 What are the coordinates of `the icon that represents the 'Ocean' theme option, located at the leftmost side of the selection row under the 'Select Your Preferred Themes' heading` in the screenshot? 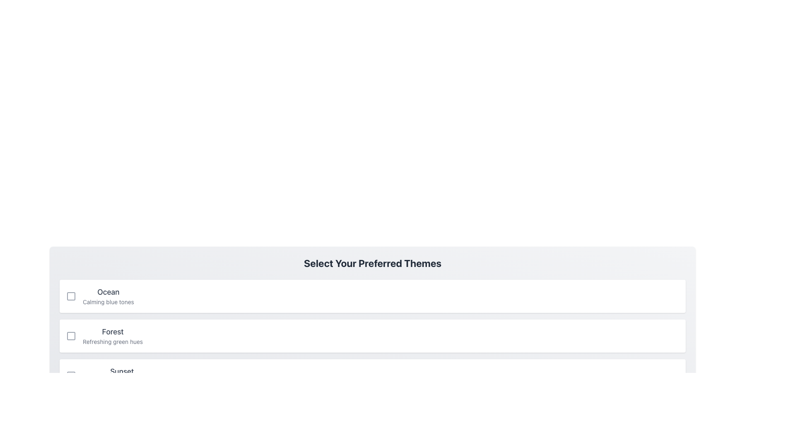 It's located at (71, 296).